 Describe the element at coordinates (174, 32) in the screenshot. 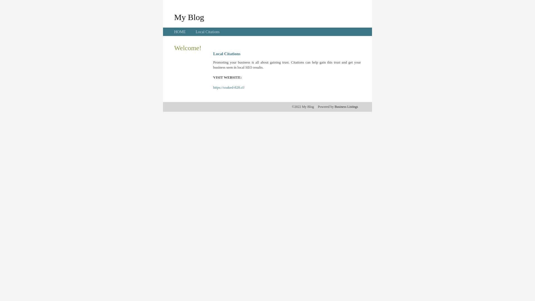

I see `'HOME'` at that location.